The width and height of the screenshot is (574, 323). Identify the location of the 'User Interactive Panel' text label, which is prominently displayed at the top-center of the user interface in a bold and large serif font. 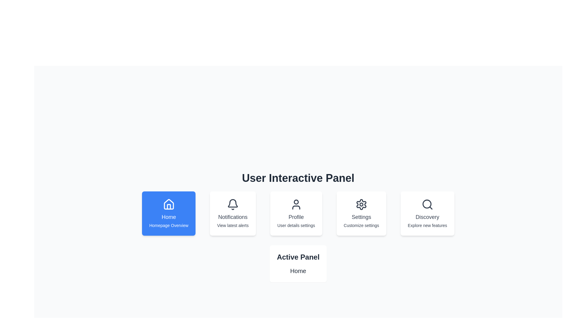
(298, 178).